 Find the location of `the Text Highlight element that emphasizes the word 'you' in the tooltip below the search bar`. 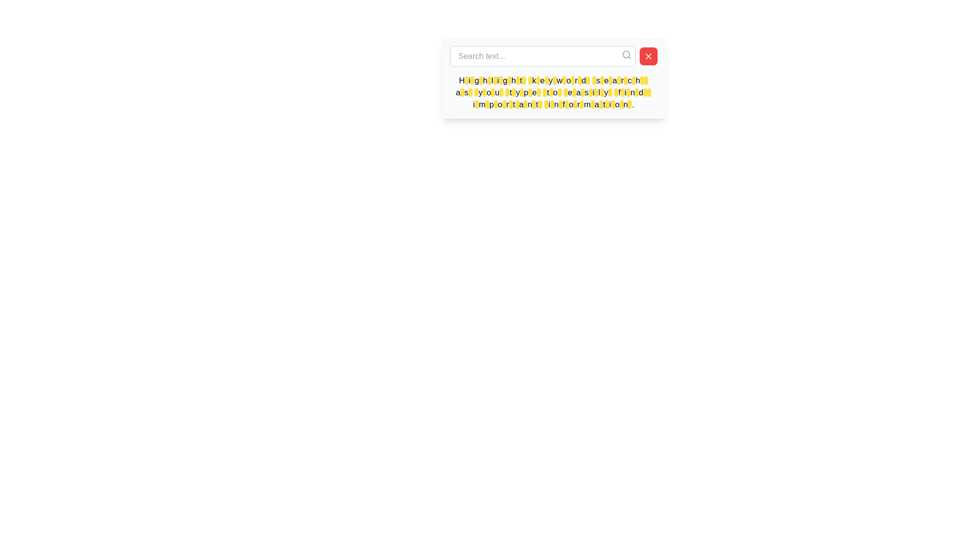

the Text Highlight element that emphasizes the word 'you' in the tooltip below the search bar is located at coordinates (476, 92).